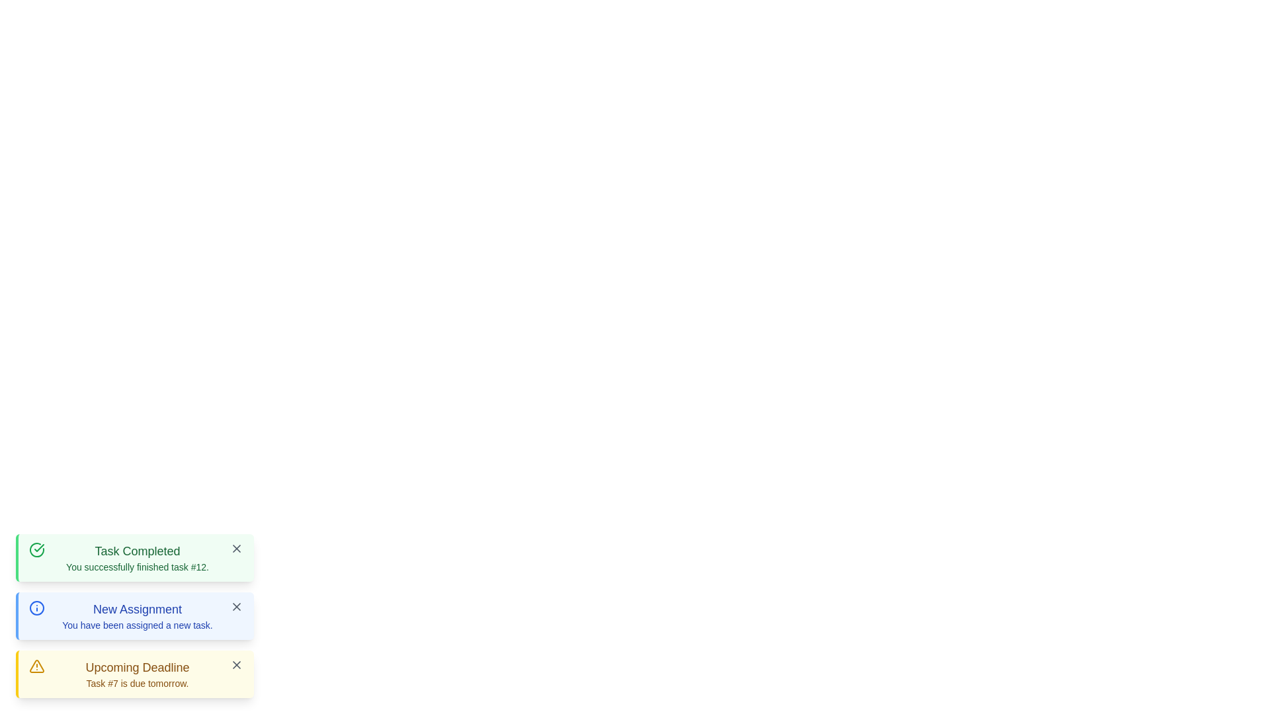  What do you see at coordinates (137, 616) in the screenshot?
I see `the text display component in the second notification card` at bounding box center [137, 616].